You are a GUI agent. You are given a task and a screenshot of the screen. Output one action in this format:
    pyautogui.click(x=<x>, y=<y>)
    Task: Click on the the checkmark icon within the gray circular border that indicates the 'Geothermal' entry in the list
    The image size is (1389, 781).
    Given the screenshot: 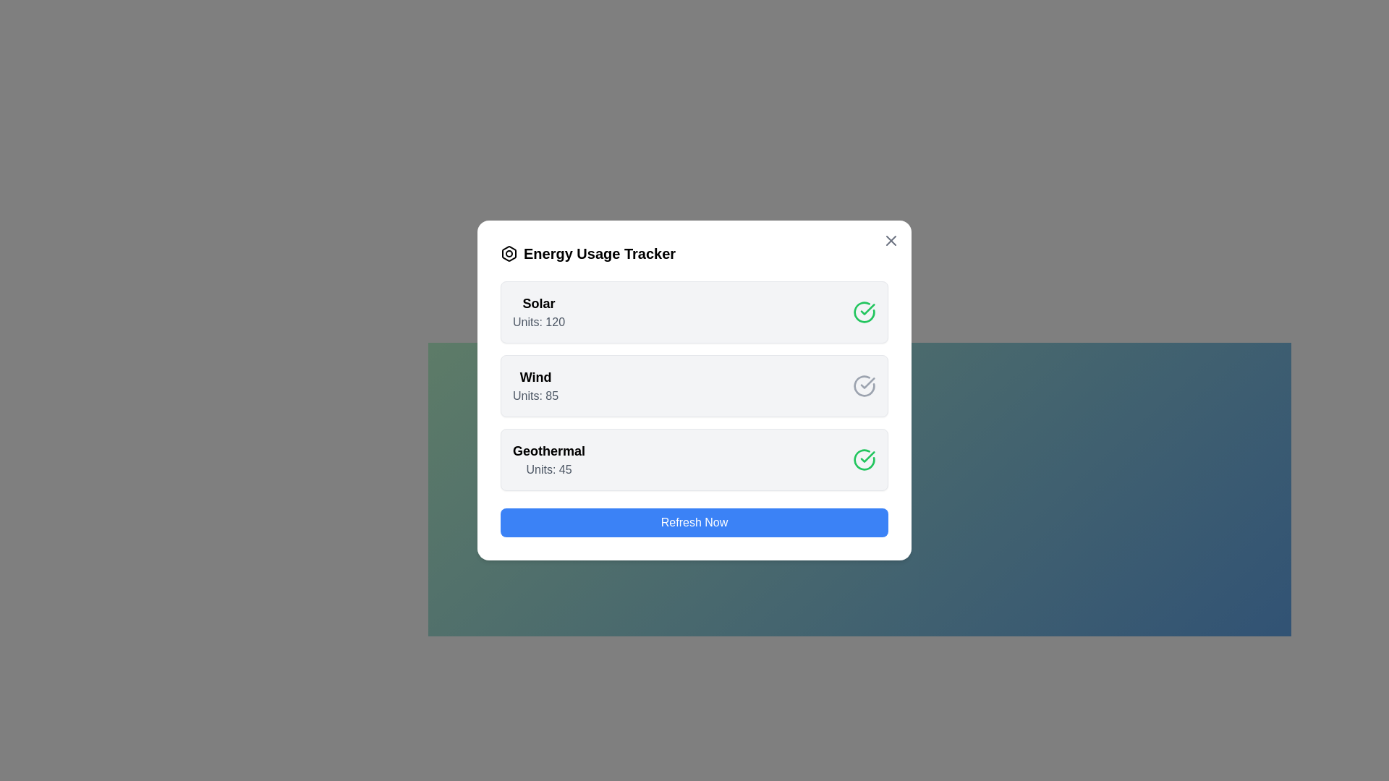 What is the action you would take?
    pyautogui.click(x=867, y=382)
    